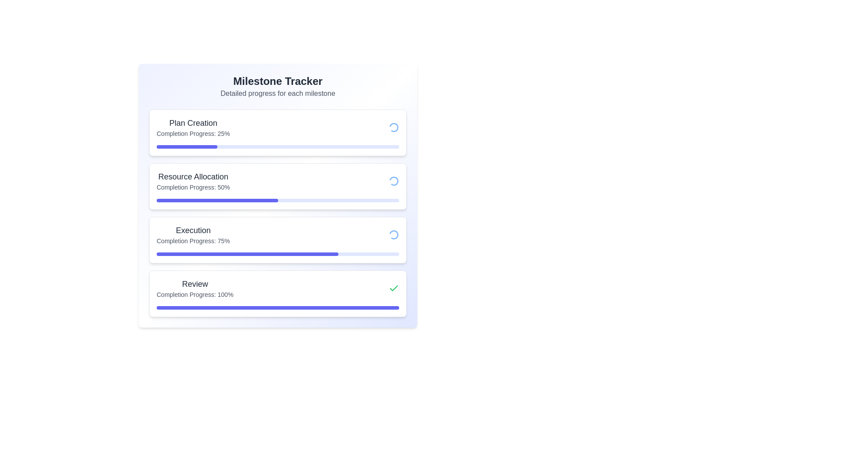  Describe the element at coordinates (277, 254) in the screenshot. I see `the third progress bar from the top in the vertical list, located inside the card titled 'Execution'` at that location.